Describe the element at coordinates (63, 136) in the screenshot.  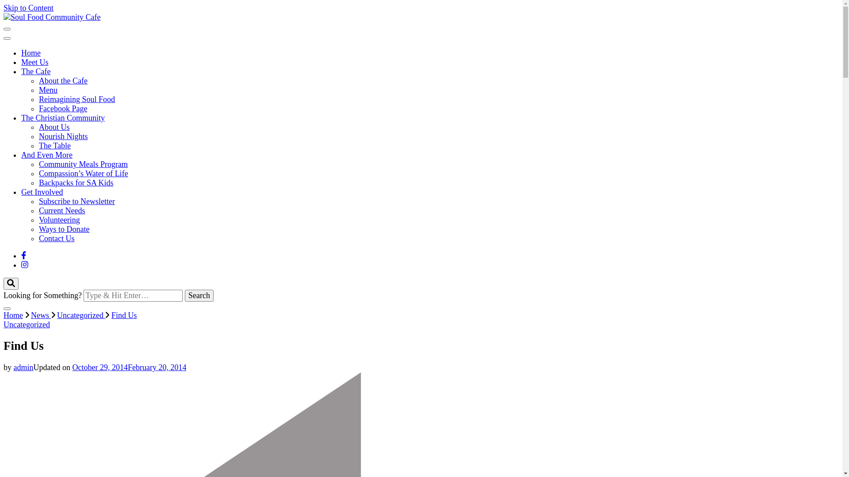
I see `'Nourish Nights'` at that location.